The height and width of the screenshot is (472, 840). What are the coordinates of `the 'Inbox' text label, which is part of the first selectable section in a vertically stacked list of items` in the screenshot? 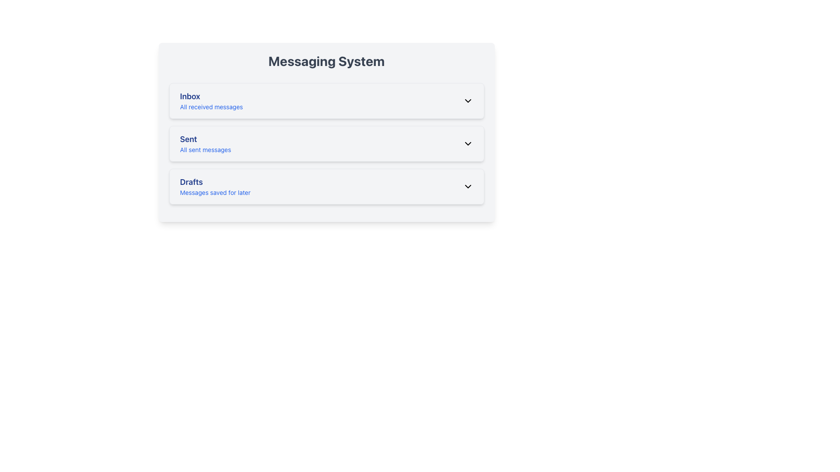 It's located at (211, 101).